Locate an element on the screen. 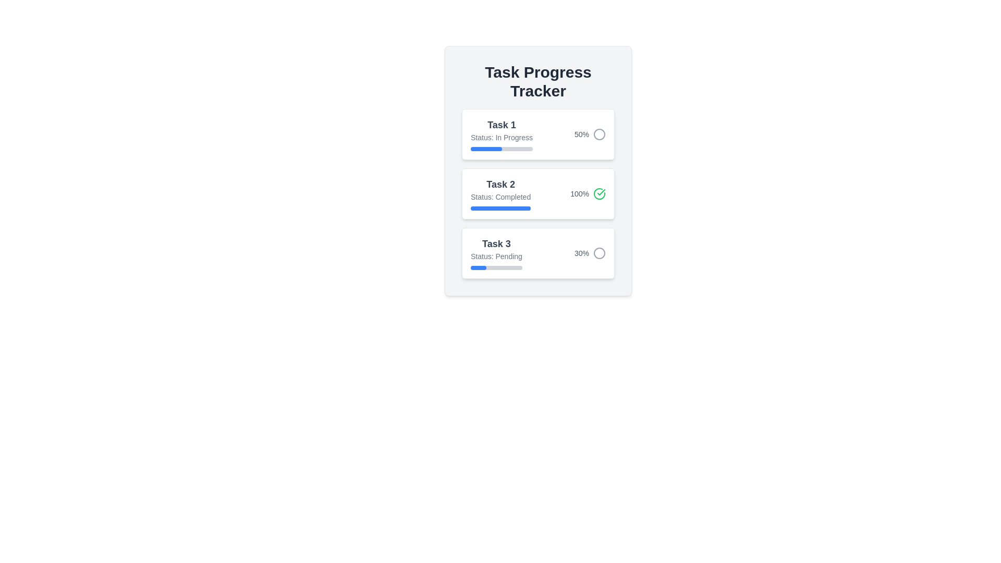 This screenshot has height=563, width=1001. the Text label that indicates the current status of Task 3, which is 'Pending', positioned below the 'Task 3' title and above the progress bar is located at coordinates (496, 256).